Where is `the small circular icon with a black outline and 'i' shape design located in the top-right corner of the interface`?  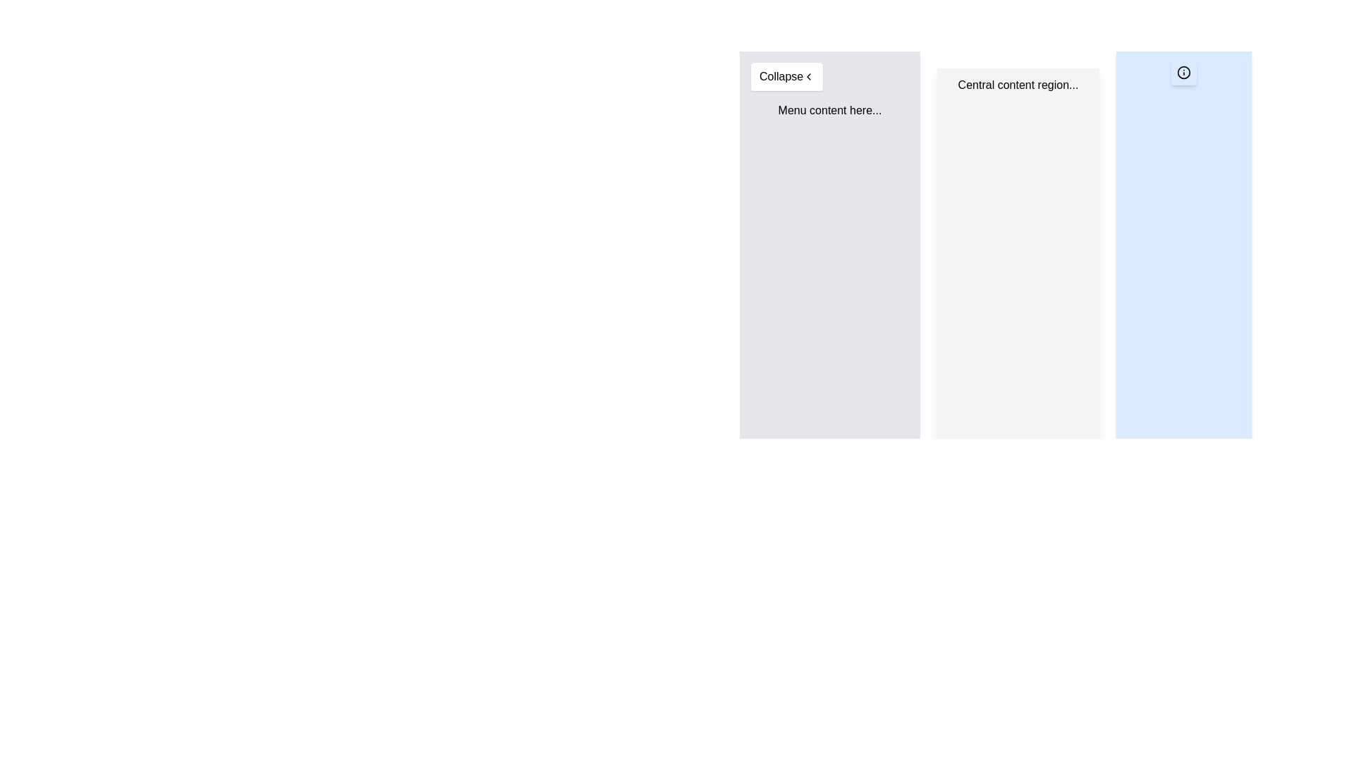
the small circular icon with a black outline and 'i' shape design located in the top-right corner of the interface is located at coordinates (1184, 73).